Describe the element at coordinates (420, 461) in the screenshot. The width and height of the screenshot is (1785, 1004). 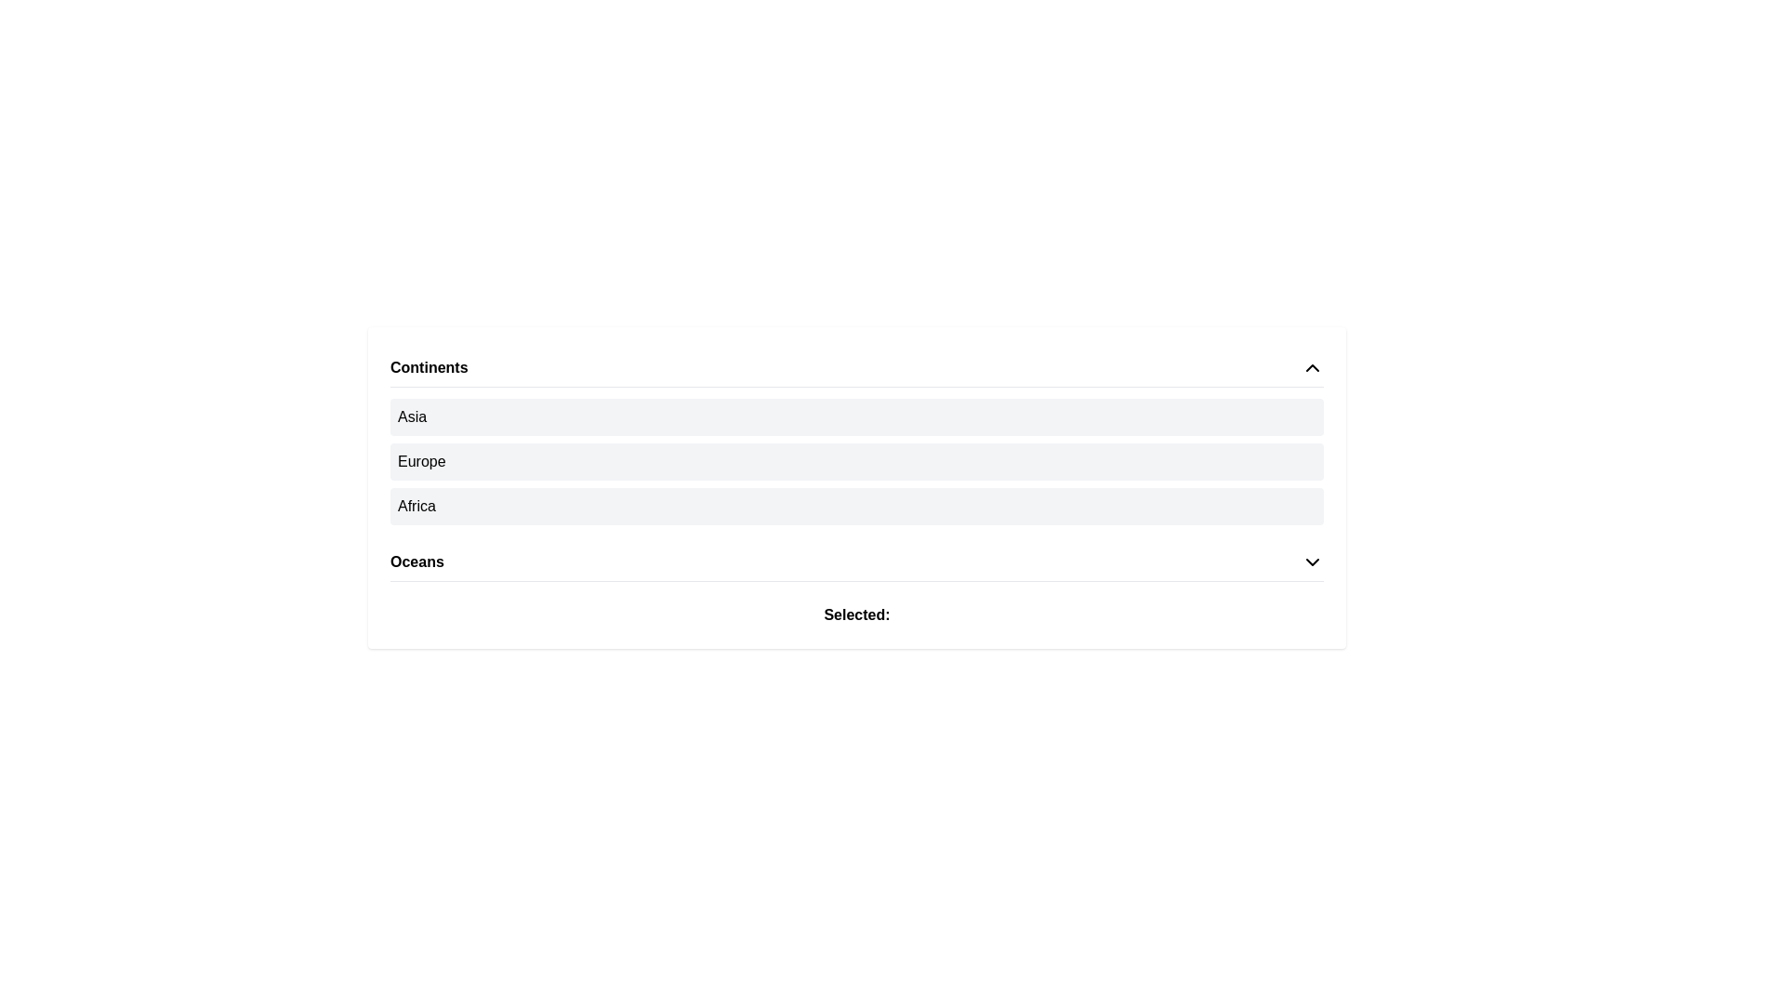
I see `the 'Europe' text label, which is positioned between the 'Asia' and 'Africa' text labels in the 'Continents' section, displayed on a gray background with padding and rounded corners` at that location.